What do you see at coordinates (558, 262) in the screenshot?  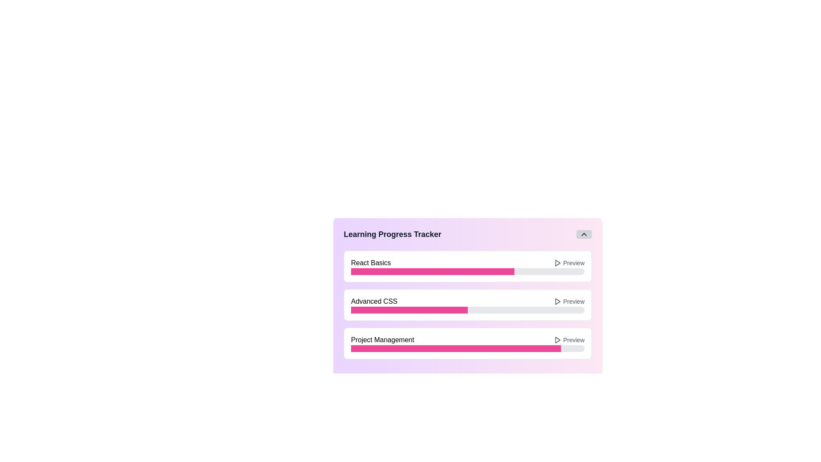 I see `the Play button icon located next to the 'React Basics' progress bar` at bounding box center [558, 262].